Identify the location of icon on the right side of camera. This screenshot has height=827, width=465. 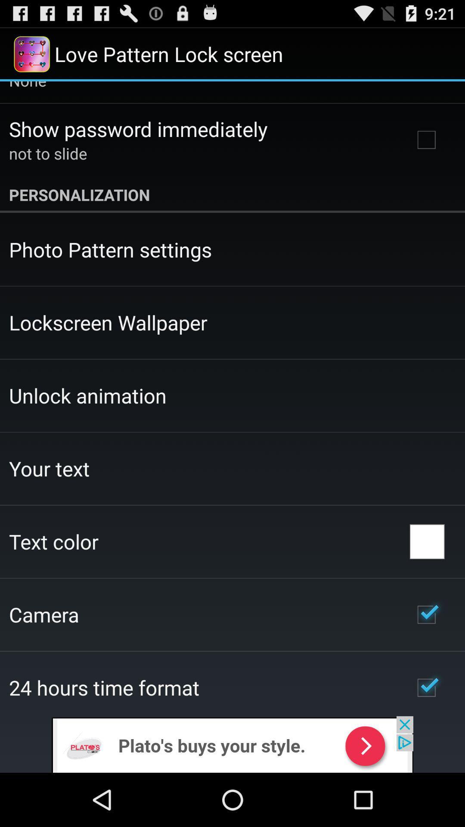
(427, 614).